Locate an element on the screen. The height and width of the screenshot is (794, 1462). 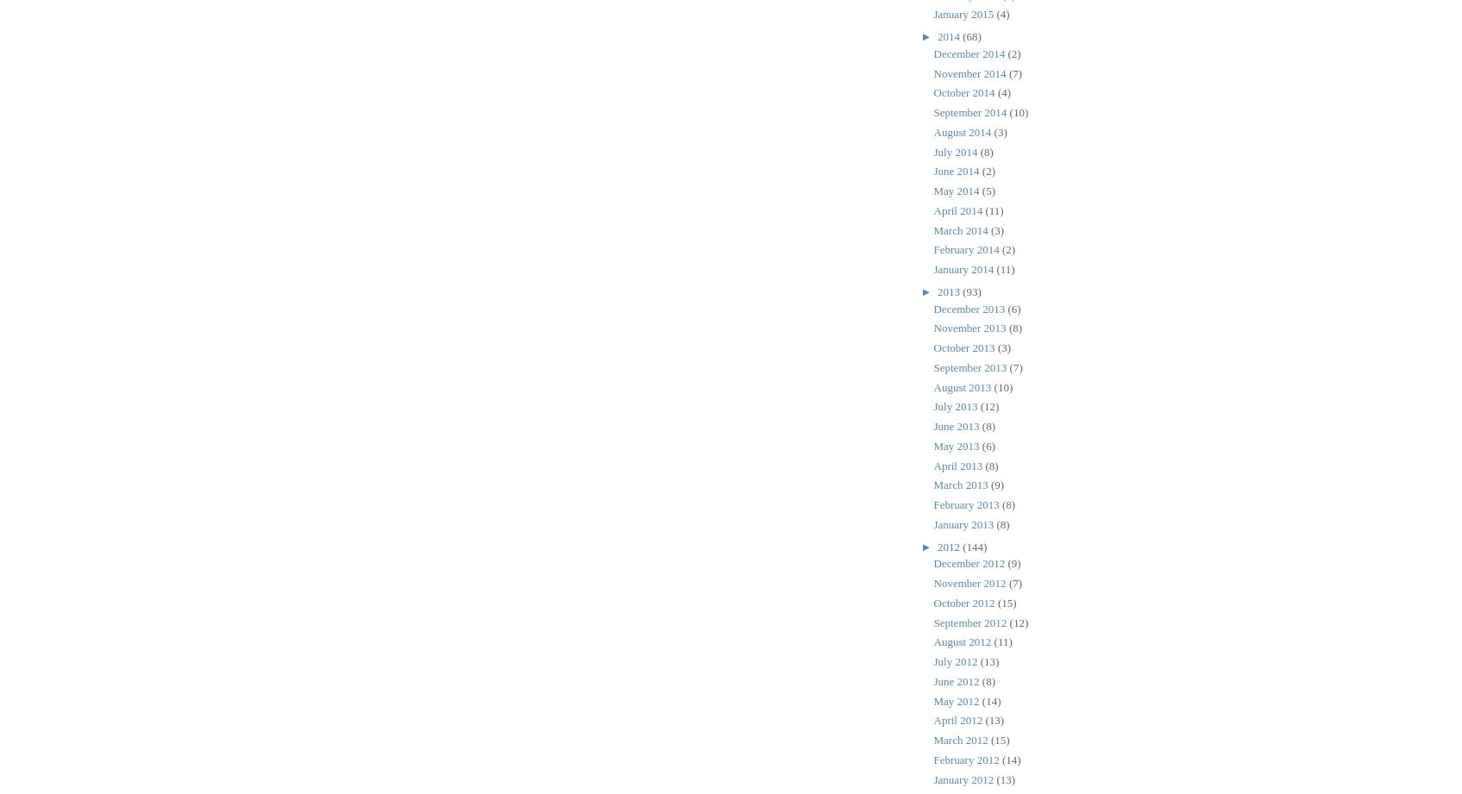
'July 2013' is located at coordinates (932, 405).